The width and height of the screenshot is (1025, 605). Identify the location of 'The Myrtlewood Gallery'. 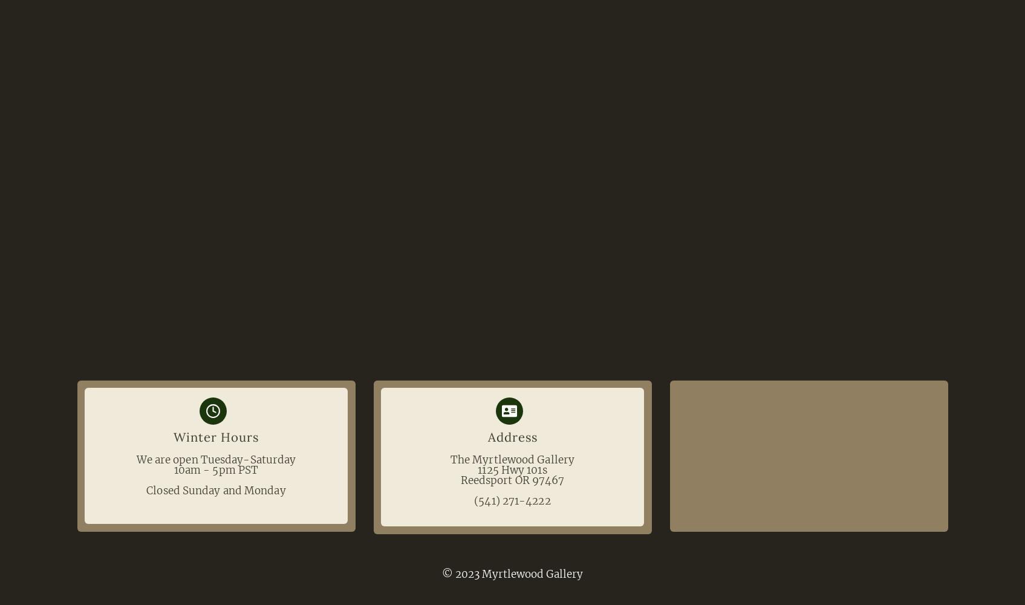
(449, 460).